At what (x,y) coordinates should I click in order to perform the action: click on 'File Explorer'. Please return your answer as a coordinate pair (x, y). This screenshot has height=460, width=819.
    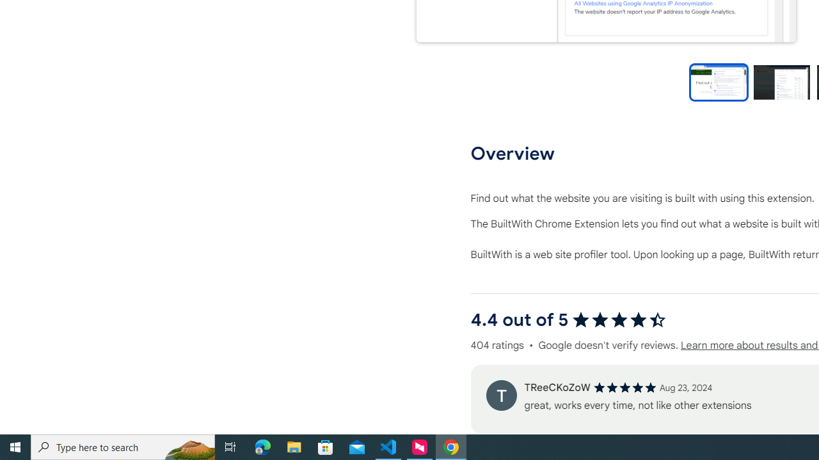
    Looking at the image, I should click on (294, 446).